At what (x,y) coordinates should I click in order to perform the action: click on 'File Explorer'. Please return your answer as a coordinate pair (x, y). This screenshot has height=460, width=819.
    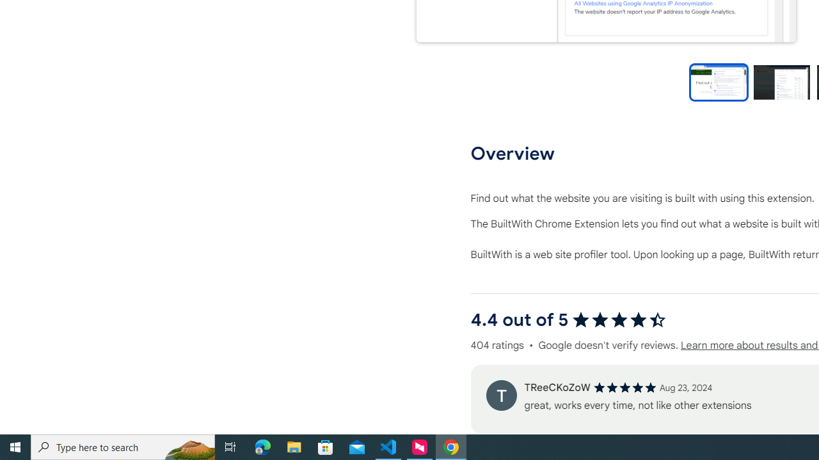
    Looking at the image, I should click on (294, 446).